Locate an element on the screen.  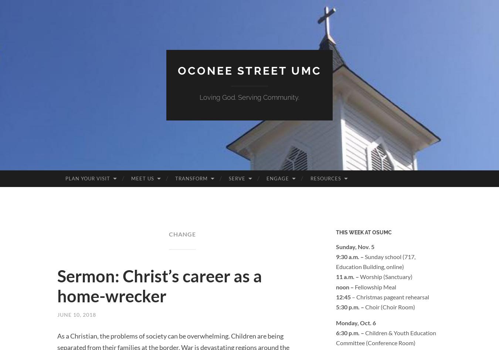
'6:30 p.m. –' is located at coordinates (350, 332).